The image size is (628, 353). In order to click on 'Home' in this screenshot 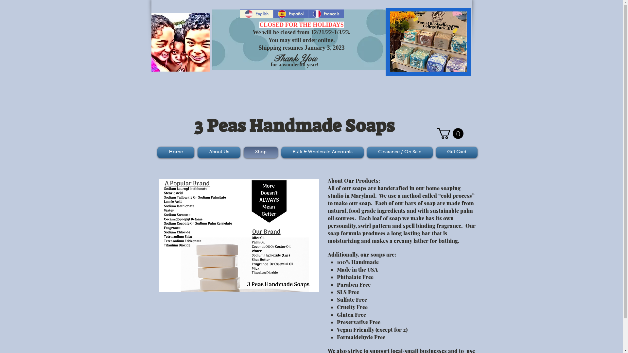, I will do `click(176, 152)`.